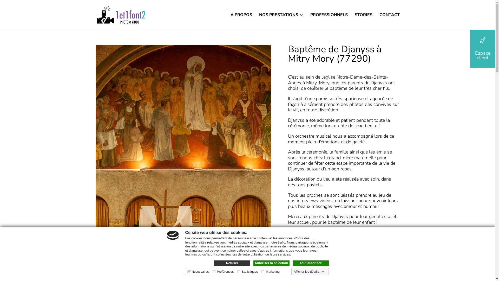  What do you see at coordinates (280, 21) in the screenshot?
I see `'NOS PRESTATIONS'` at bounding box center [280, 21].